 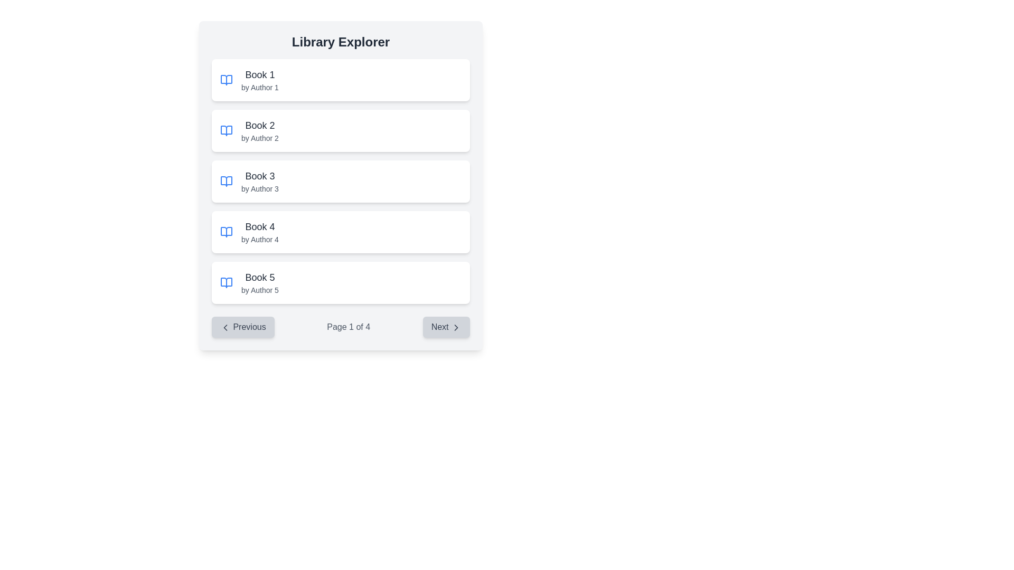 What do you see at coordinates (260, 240) in the screenshot?
I see `the text label displaying 'by Author 4', which is styled in a smaller gray font and located beneath the title 'Book 4' in the fourth item of the book list` at bounding box center [260, 240].